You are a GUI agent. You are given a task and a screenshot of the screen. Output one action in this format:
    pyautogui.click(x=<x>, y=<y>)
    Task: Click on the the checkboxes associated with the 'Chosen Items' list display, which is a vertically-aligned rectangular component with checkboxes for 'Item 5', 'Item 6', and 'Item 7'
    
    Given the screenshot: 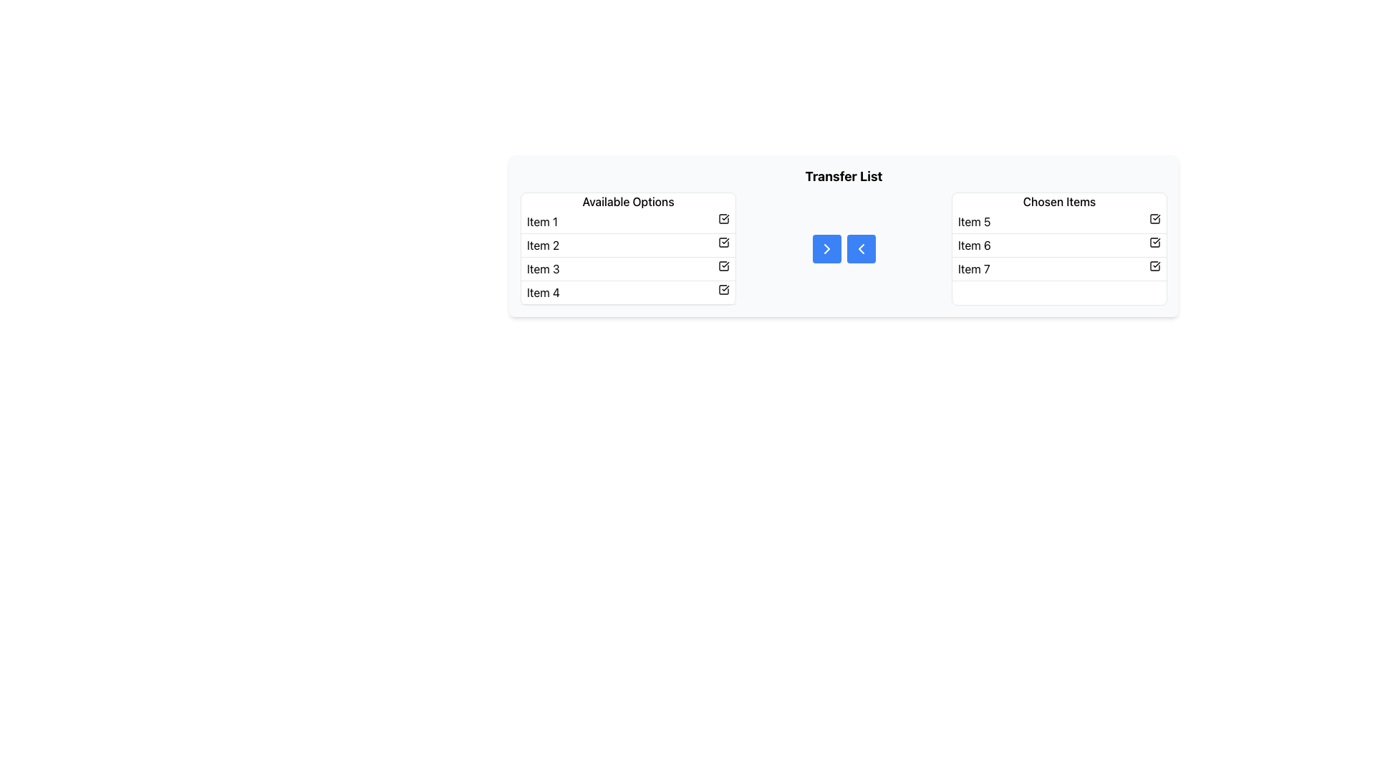 What is the action you would take?
    pyautogui.click(x=1058, y=248)
    